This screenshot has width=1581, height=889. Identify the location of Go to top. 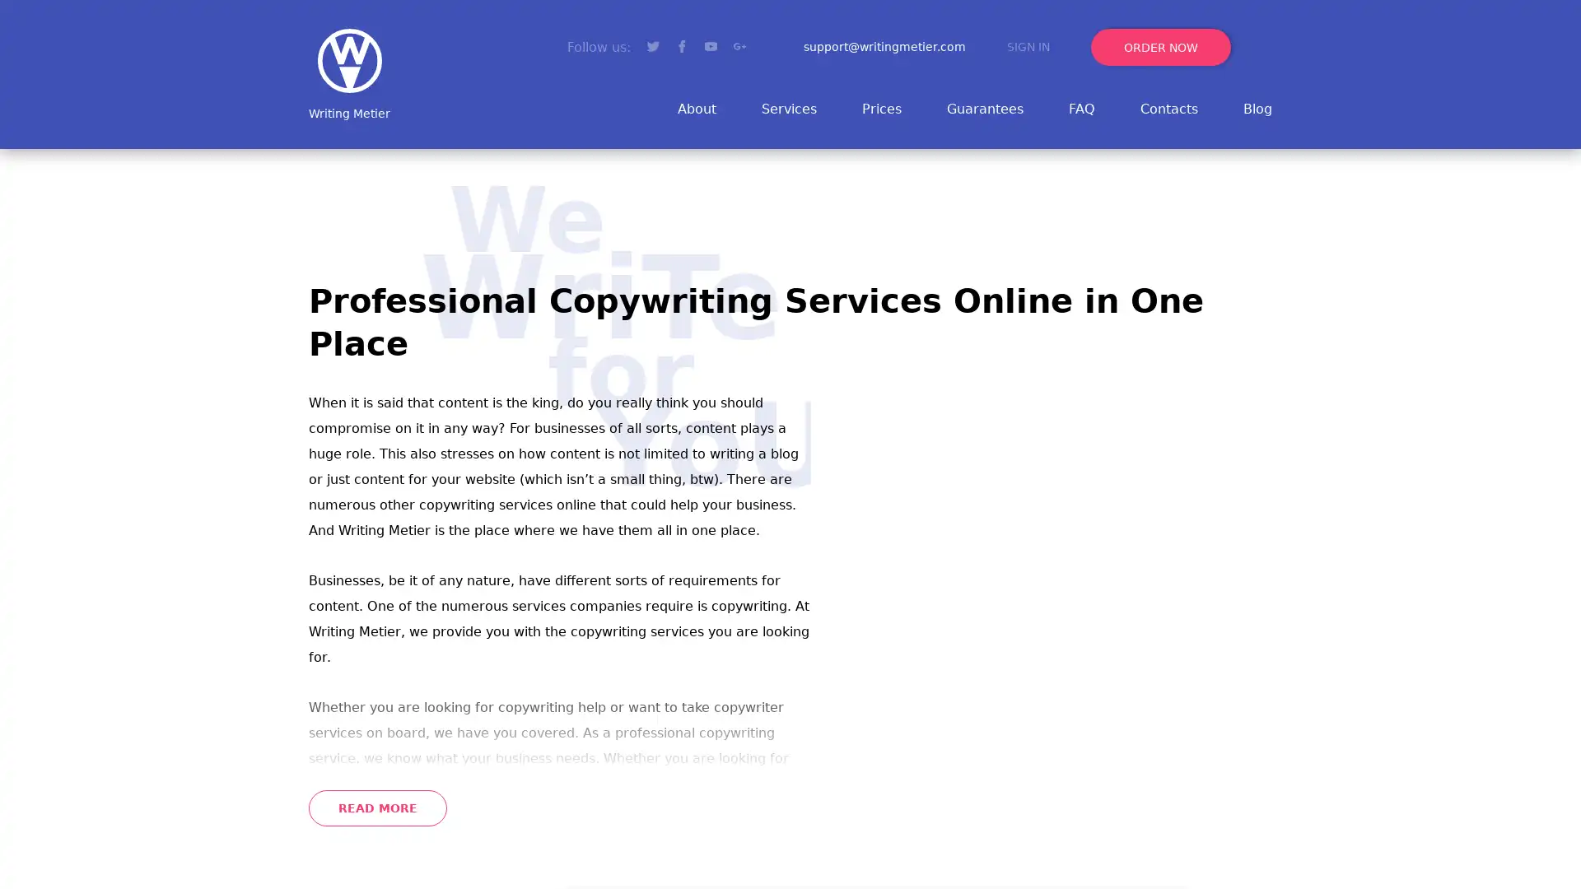
(1516, 751).